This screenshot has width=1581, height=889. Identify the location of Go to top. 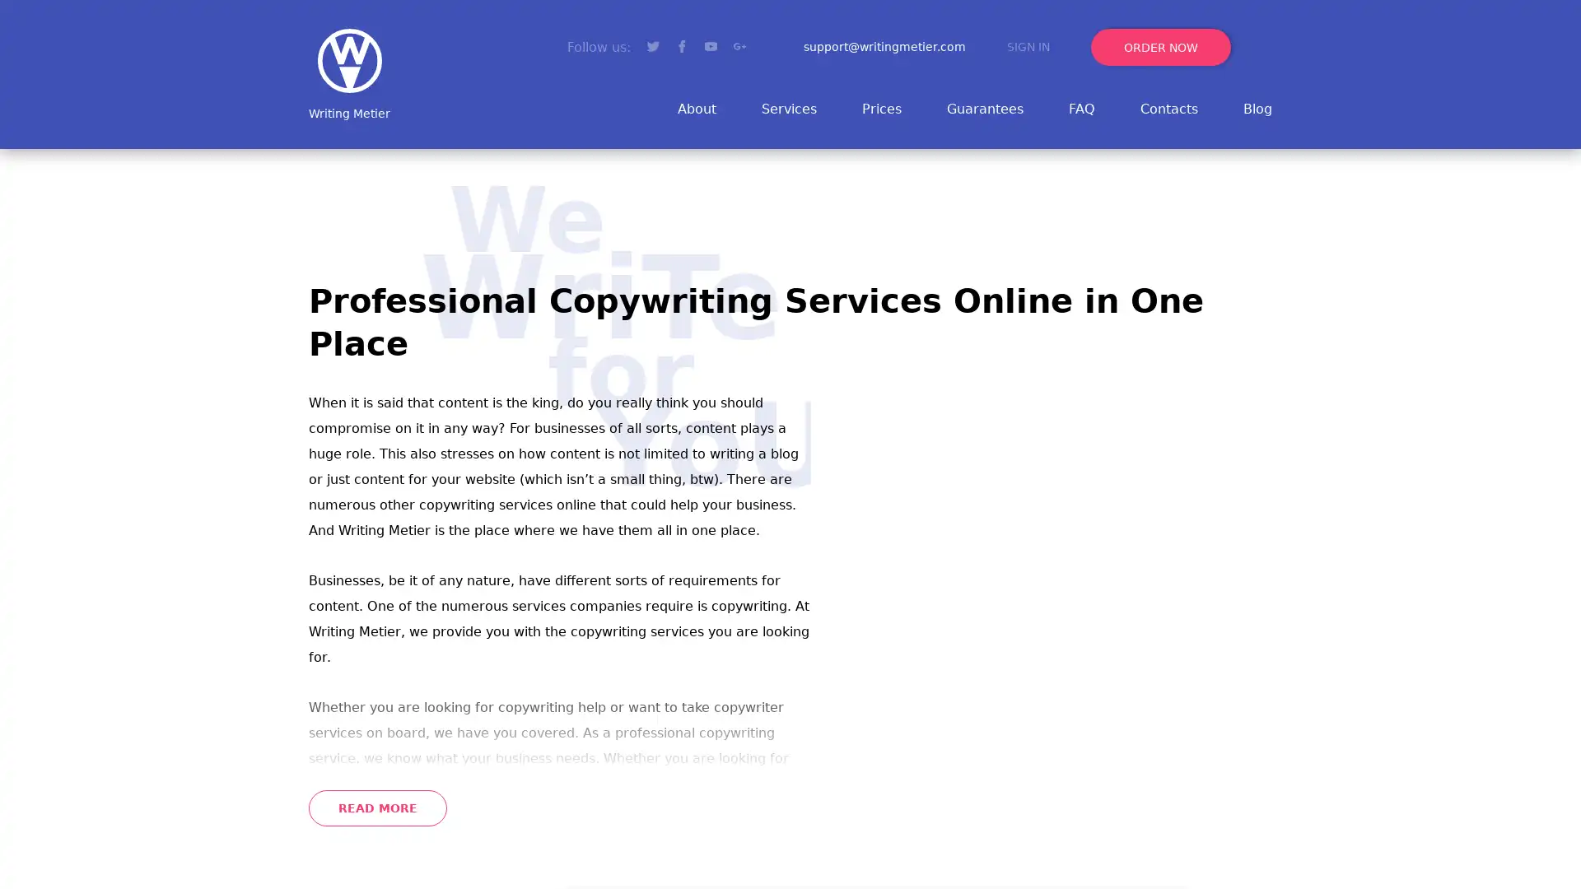
(1516, 751).